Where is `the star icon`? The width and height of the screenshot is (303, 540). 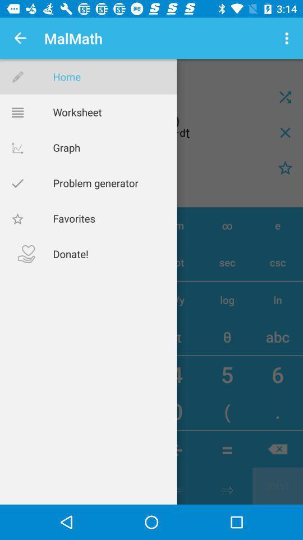 the star icon is located at coordinates (285, 167).